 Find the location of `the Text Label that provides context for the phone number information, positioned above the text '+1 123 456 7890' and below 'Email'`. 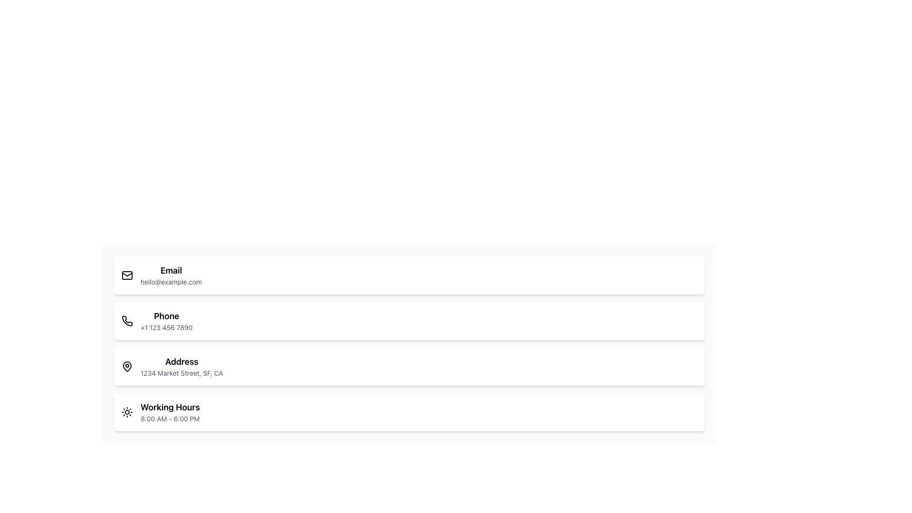

the Text Label that provides context for the phone number information, positioned above the text '+1 123 456 7890' and below 'Email' is located at coordinates (166, 316).